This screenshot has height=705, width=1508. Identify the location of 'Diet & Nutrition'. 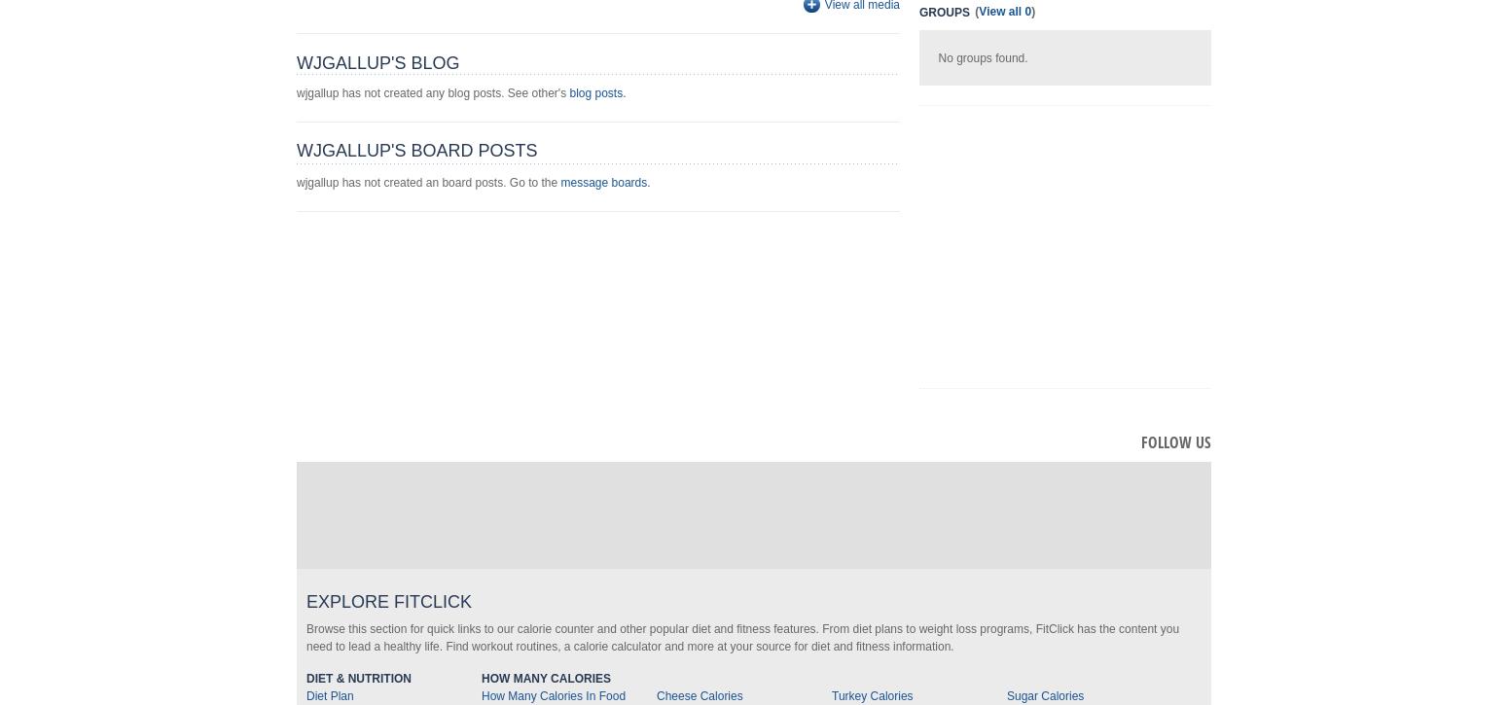
(358, 678).